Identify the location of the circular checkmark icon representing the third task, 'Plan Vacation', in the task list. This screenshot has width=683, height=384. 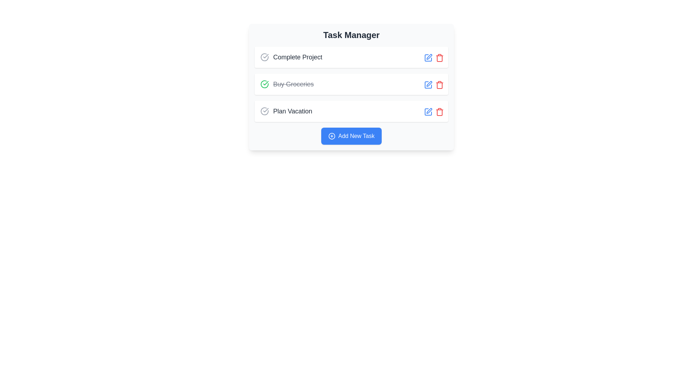
(264, 111).